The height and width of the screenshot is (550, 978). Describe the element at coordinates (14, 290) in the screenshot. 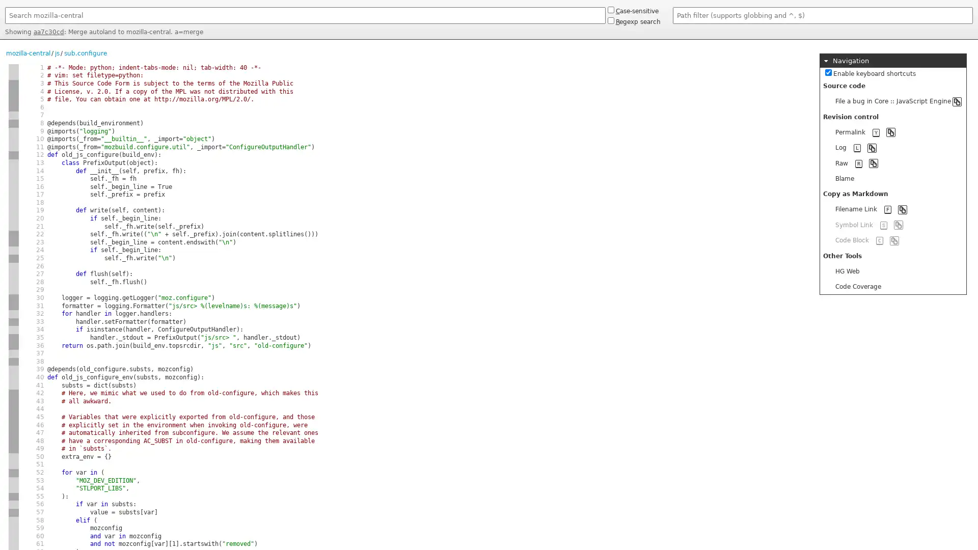

I see `same hash 6` at that location.